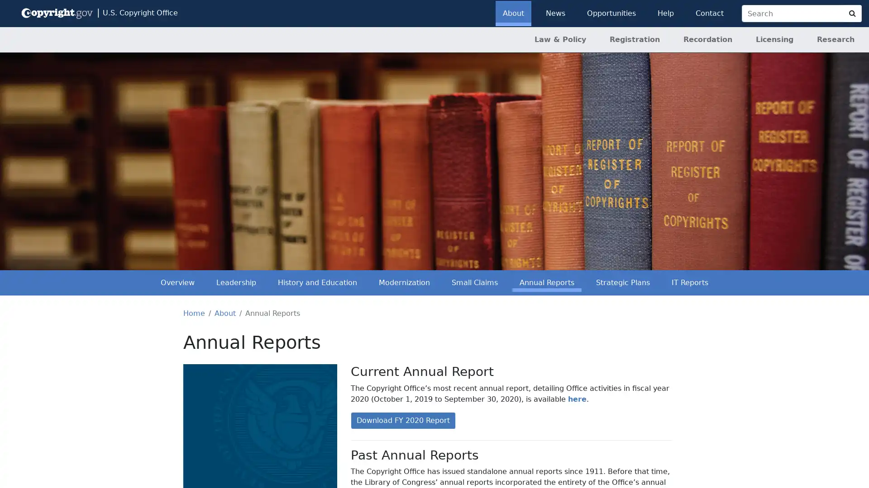 The width and height of the screenshot is (869, 488). Describe the element at coordinates (852, 14) in the screenshot. I see `Search Copyright.gov` at that location.